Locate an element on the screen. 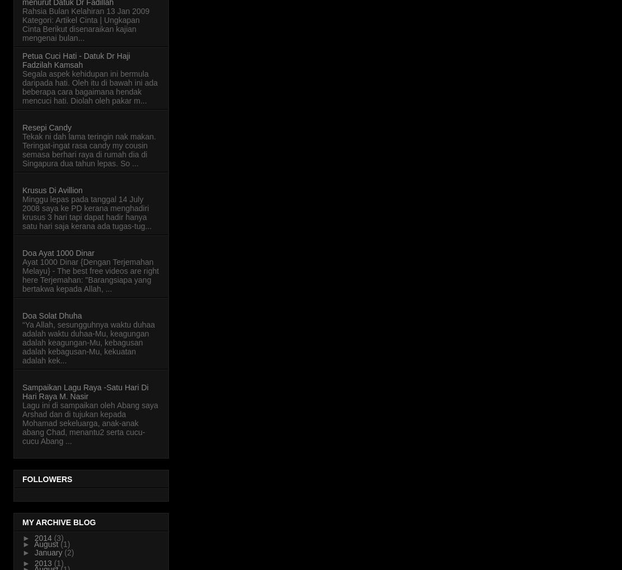 This screenshot has height=570, width=622. 'Sampaikan Lagu Raya -Satu Hari Di Hari Raya M. Nasir' is located at coordinates (22, 391).